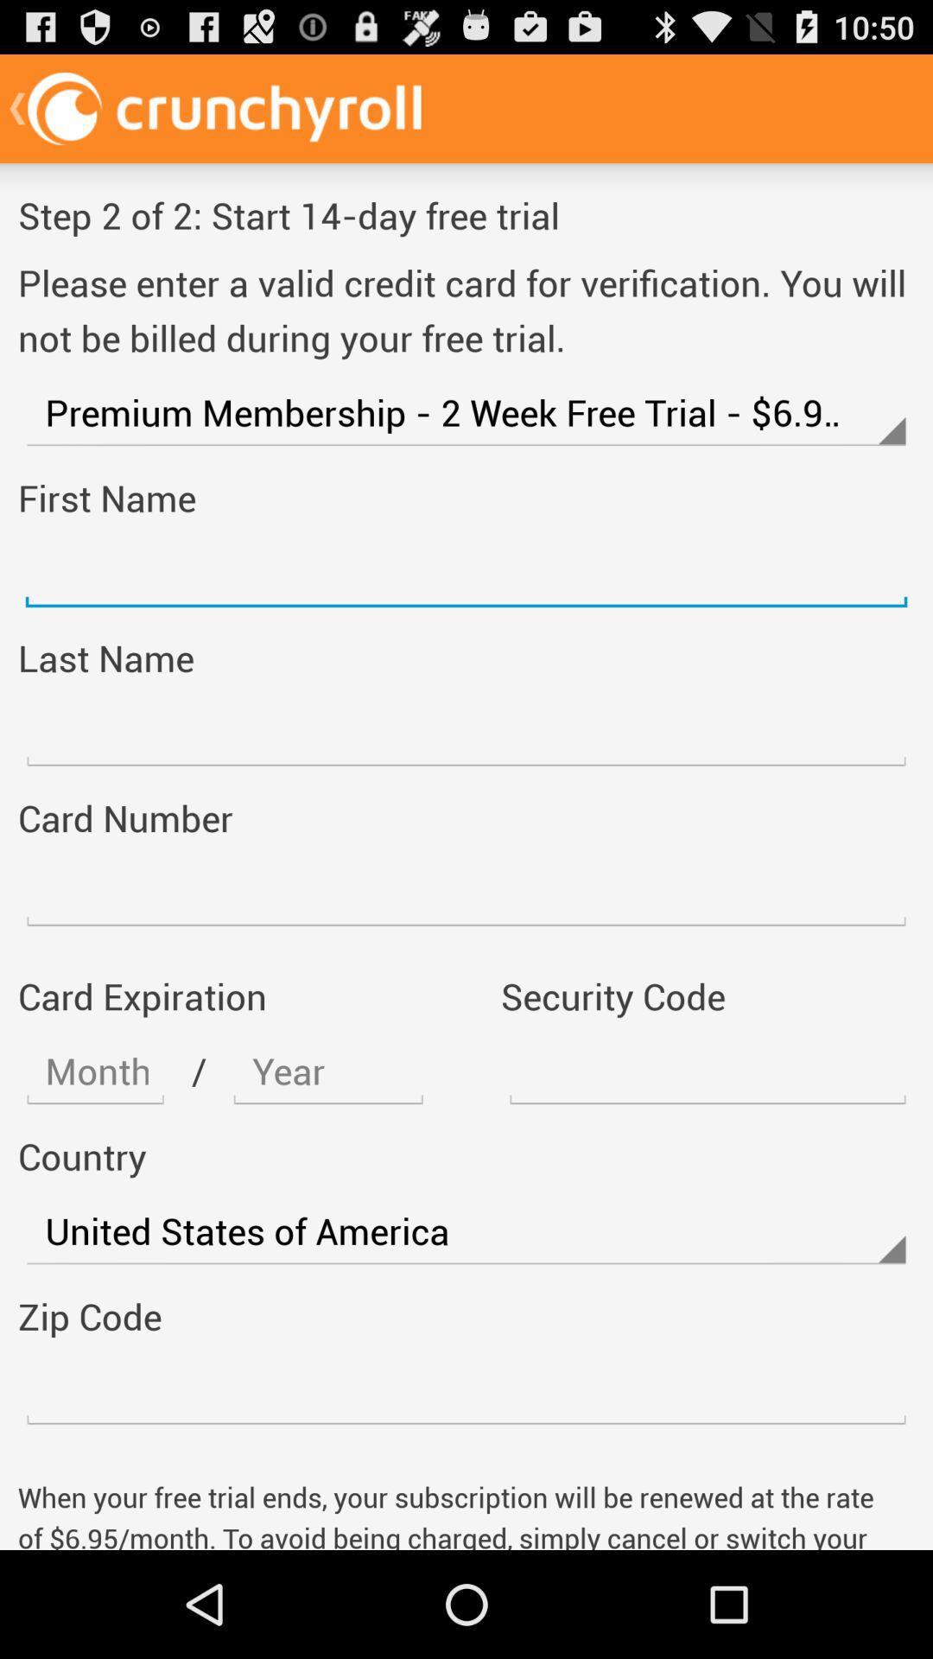 Image resolution: width=933 pixels, height=1659 pixels. I want to click on screen page, so click(466, 733).